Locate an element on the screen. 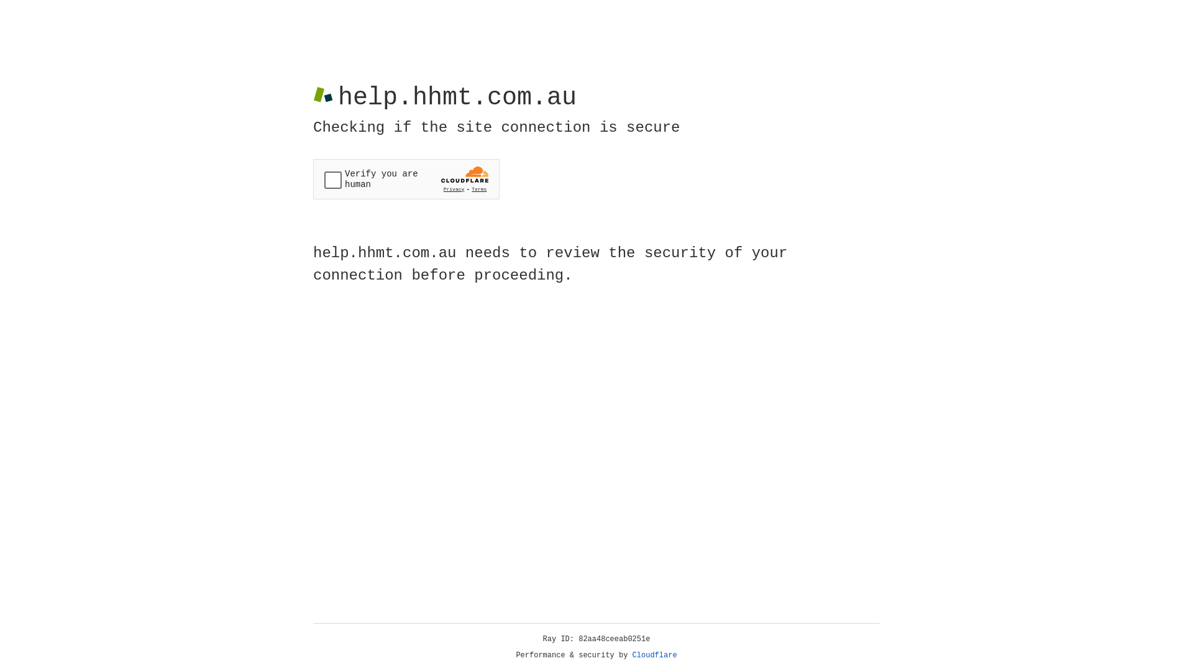 The height and width of the screenshot is (671, 1193). 'Cloudflare' is located at coordinates (654, 655).